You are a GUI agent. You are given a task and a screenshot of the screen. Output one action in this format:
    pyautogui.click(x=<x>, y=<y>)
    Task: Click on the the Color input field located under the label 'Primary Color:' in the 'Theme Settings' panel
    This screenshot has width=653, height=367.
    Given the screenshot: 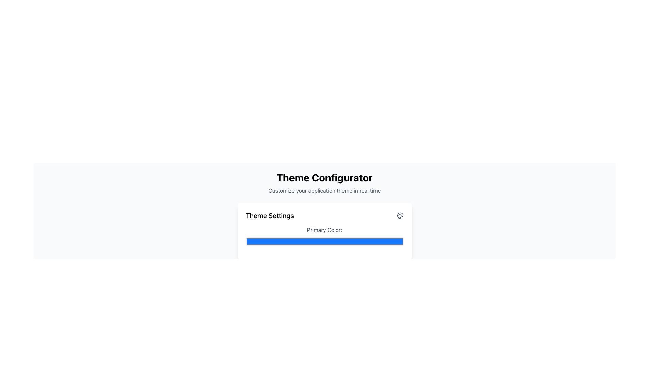 What is the action you would take?
    pyautogui.click(x=324, y=235)
    